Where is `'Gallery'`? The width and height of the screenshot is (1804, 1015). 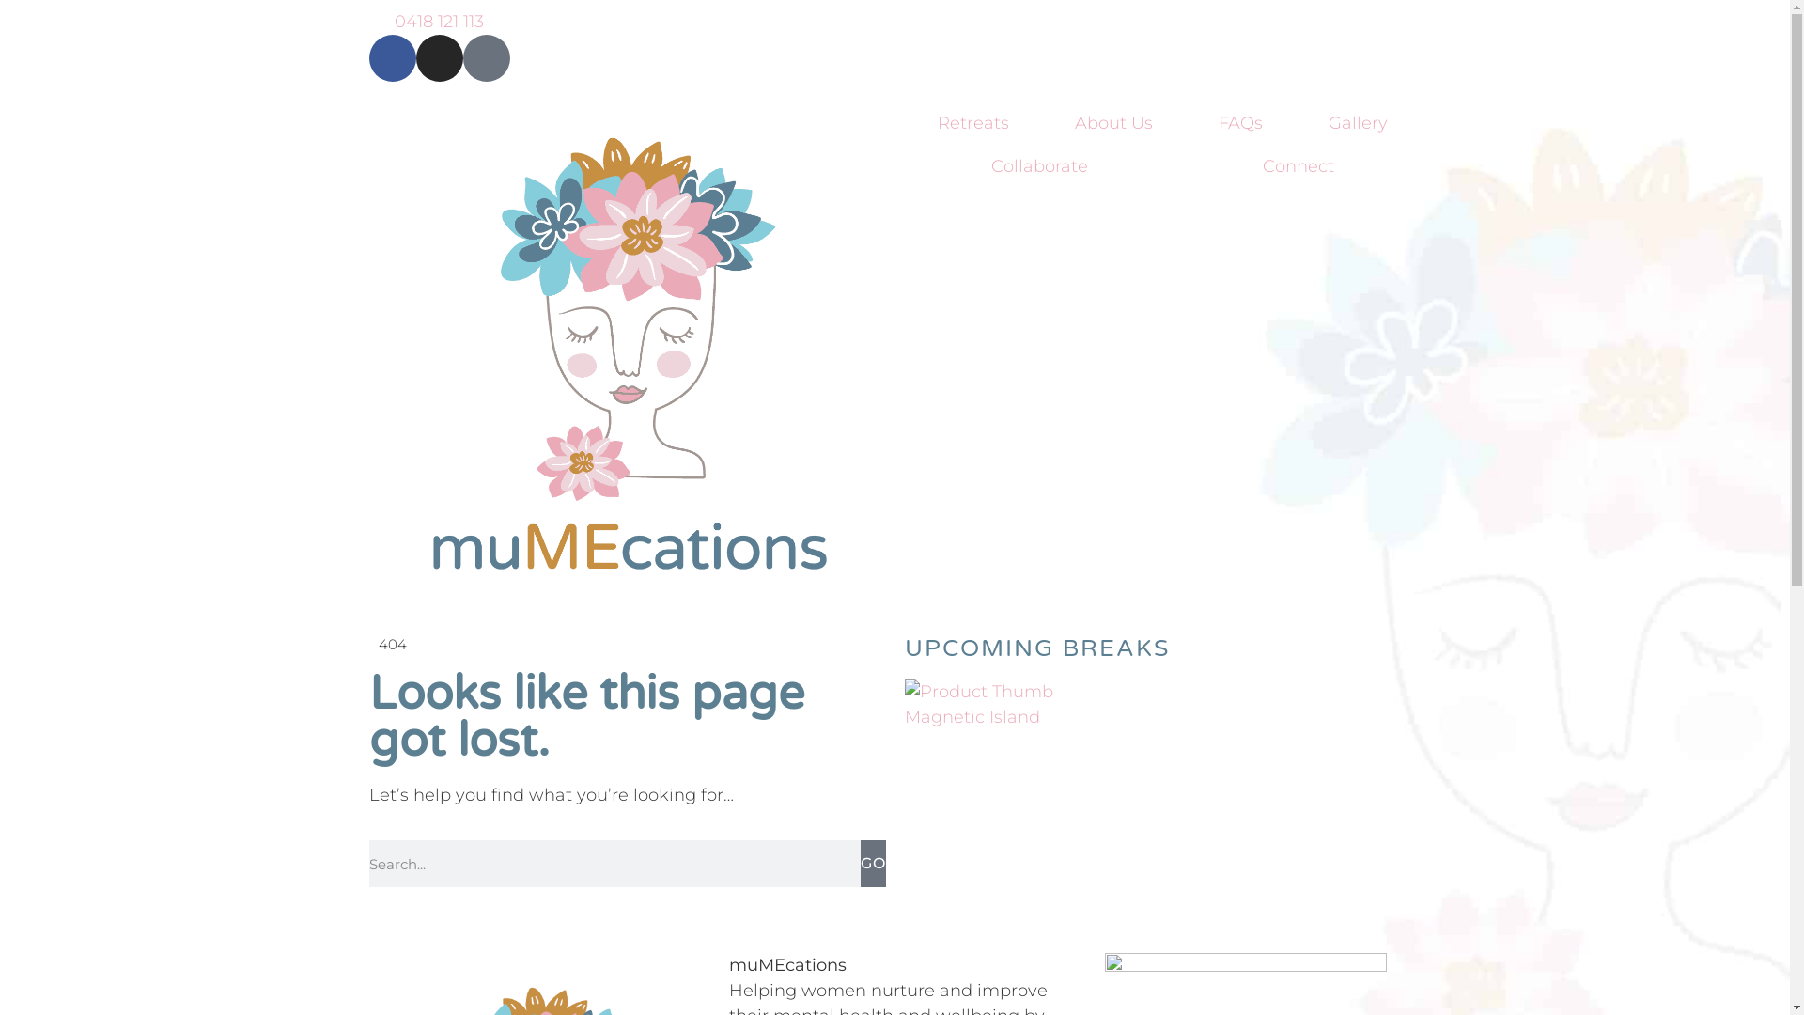
'Gallery' is located at coordinates (1358, 123).